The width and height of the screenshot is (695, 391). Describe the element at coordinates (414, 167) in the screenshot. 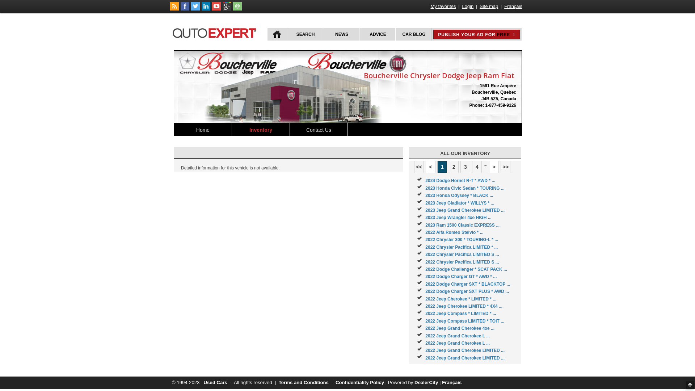

I see `'<<'` at that location.